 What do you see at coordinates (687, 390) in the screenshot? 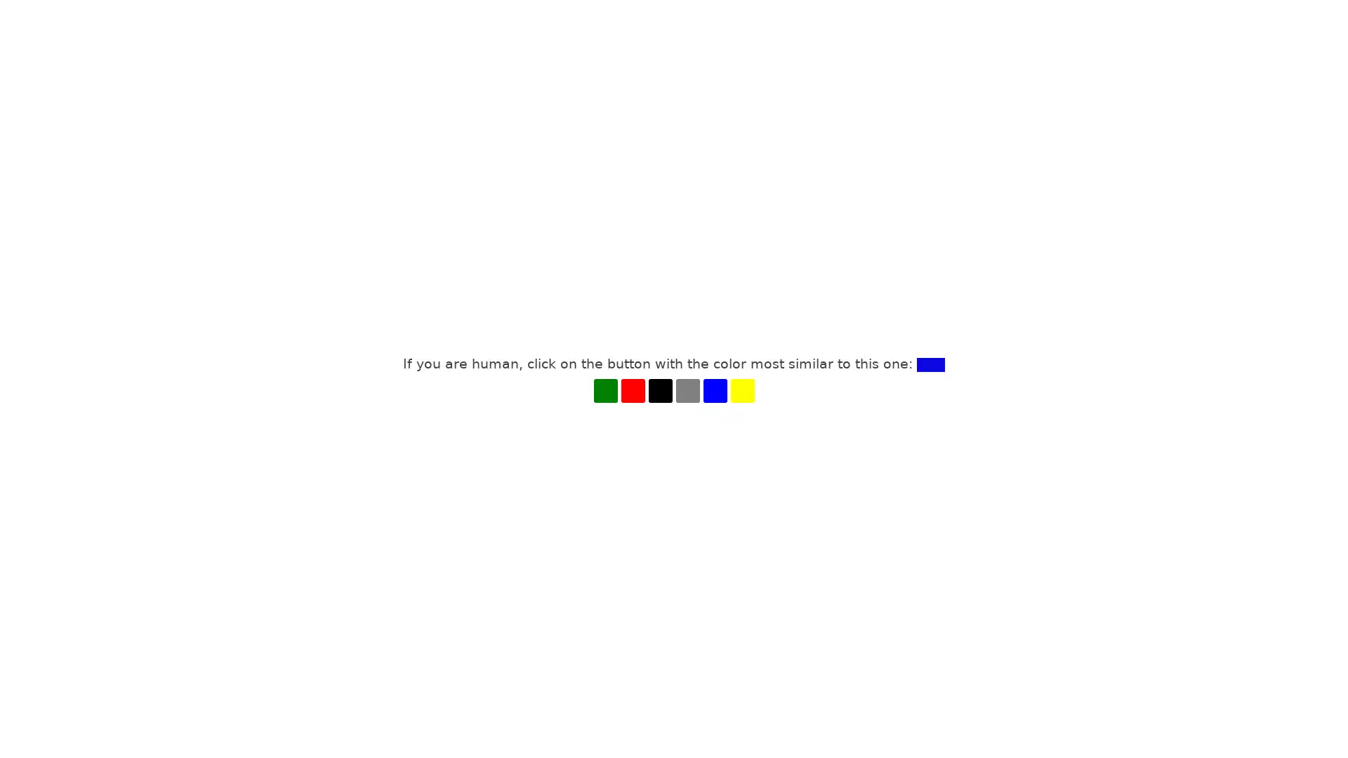
I see `GRAY` at bounding box center [687, 390].